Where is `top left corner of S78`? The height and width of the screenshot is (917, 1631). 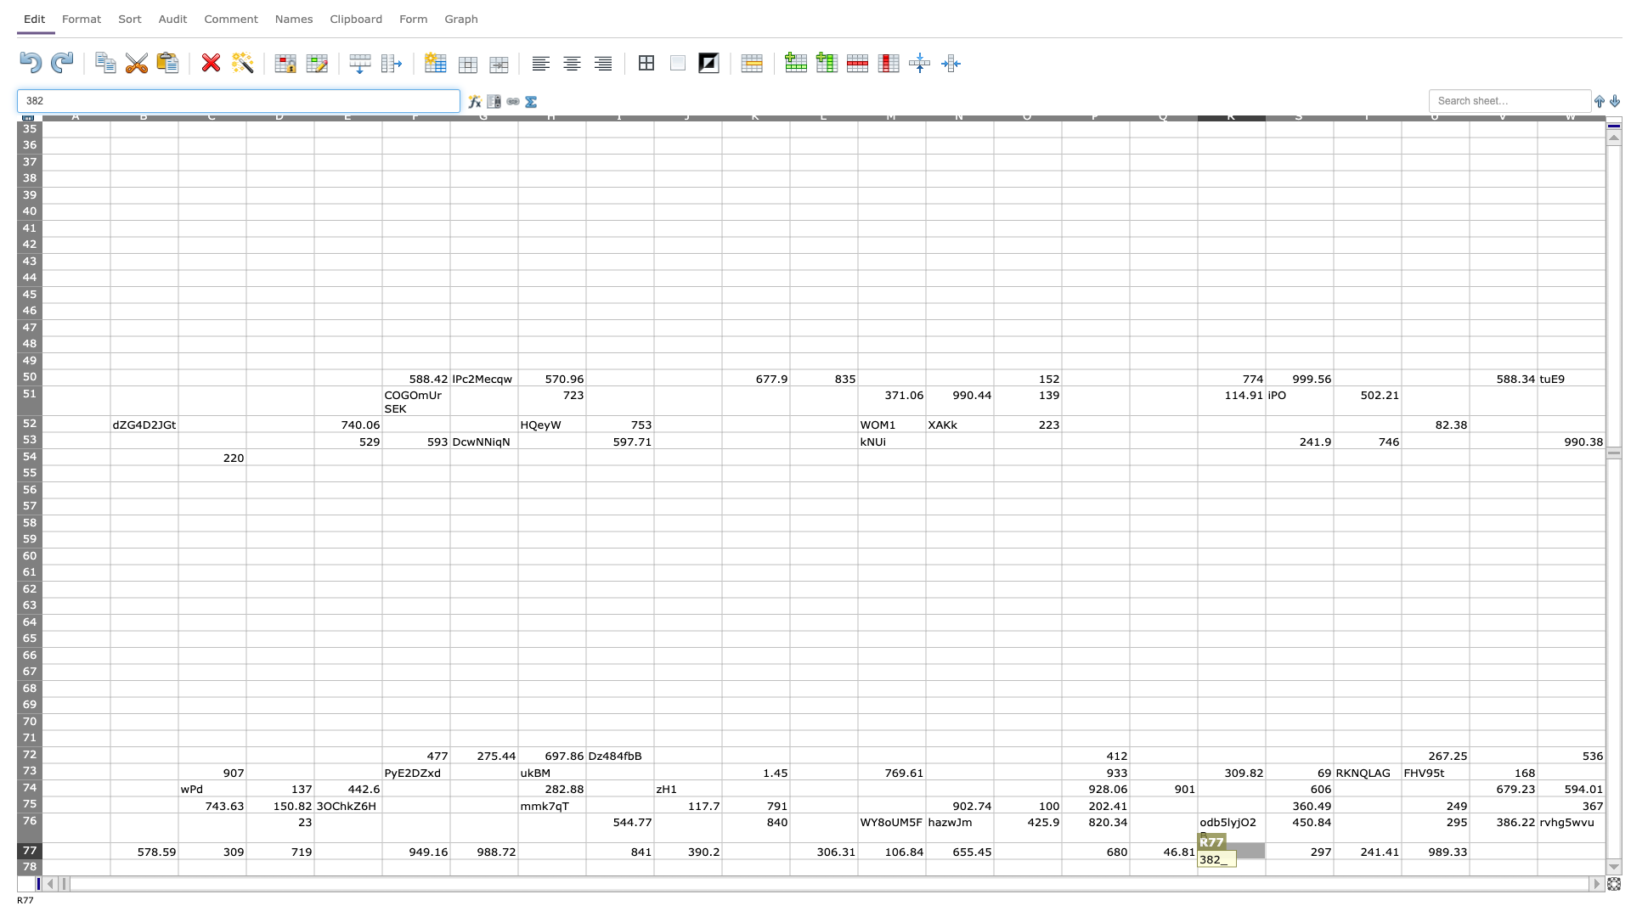 top left corner of S78 is located at coordinates (1265, 858).